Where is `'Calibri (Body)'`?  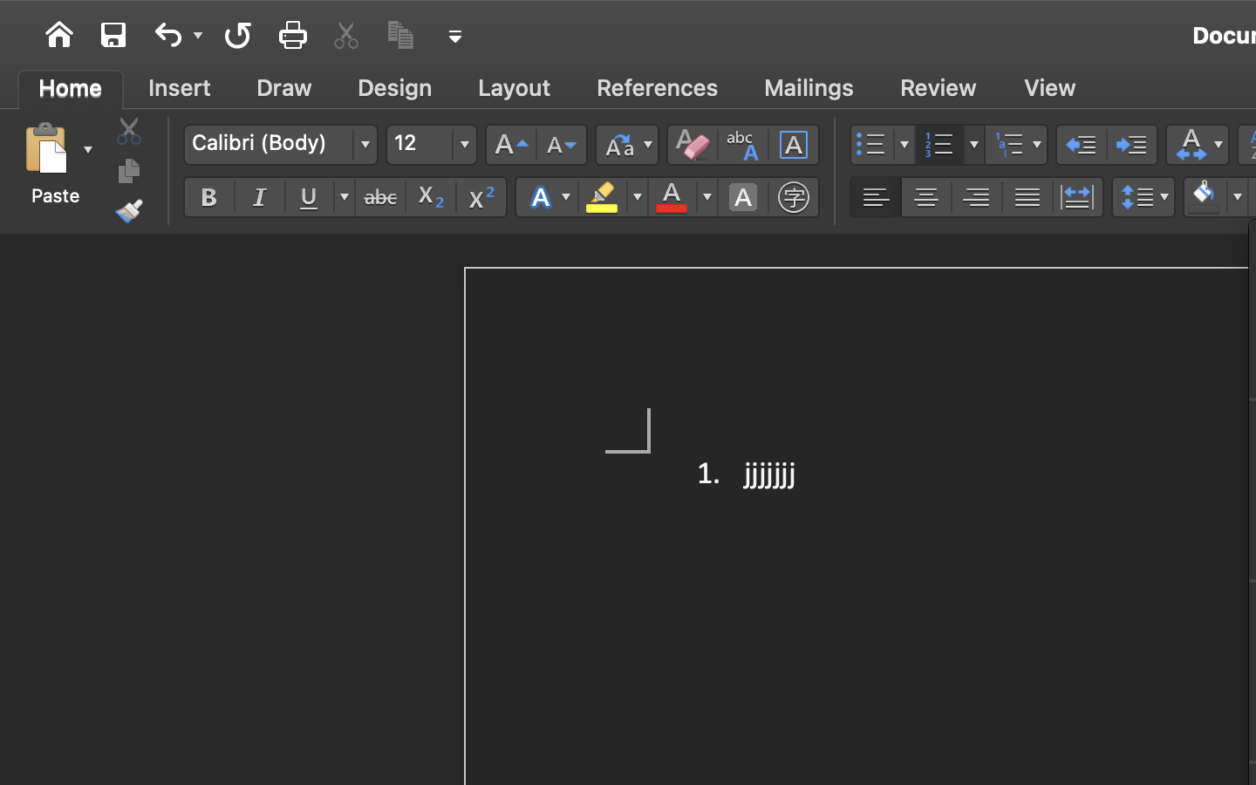 'Calibri (Body)' is located at coordinates (280, 144).